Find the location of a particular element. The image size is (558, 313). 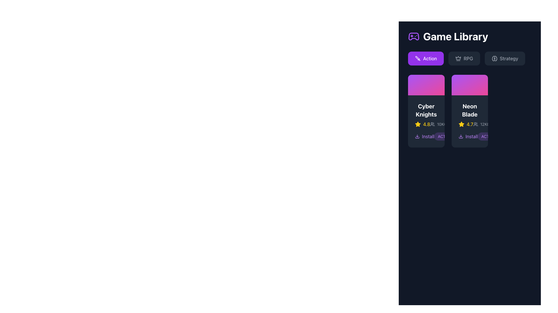

the 'Install' button located beneath the title 'Neon Blade' in the right column of the 'Game Library' section to initiate installation is located at coordinates (468, 136).